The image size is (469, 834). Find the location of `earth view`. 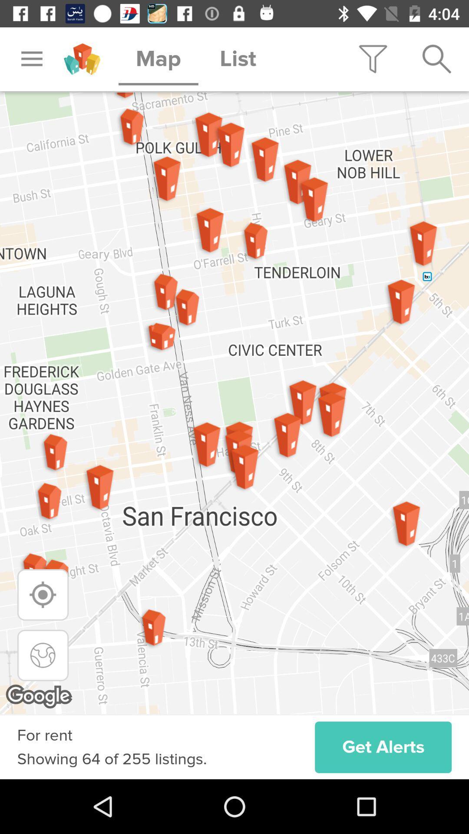

earth view is located at coordinates (43, 655).